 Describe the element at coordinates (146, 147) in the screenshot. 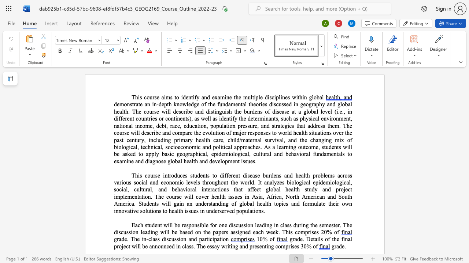

I see `the 15th character "c" in the text` at that location.